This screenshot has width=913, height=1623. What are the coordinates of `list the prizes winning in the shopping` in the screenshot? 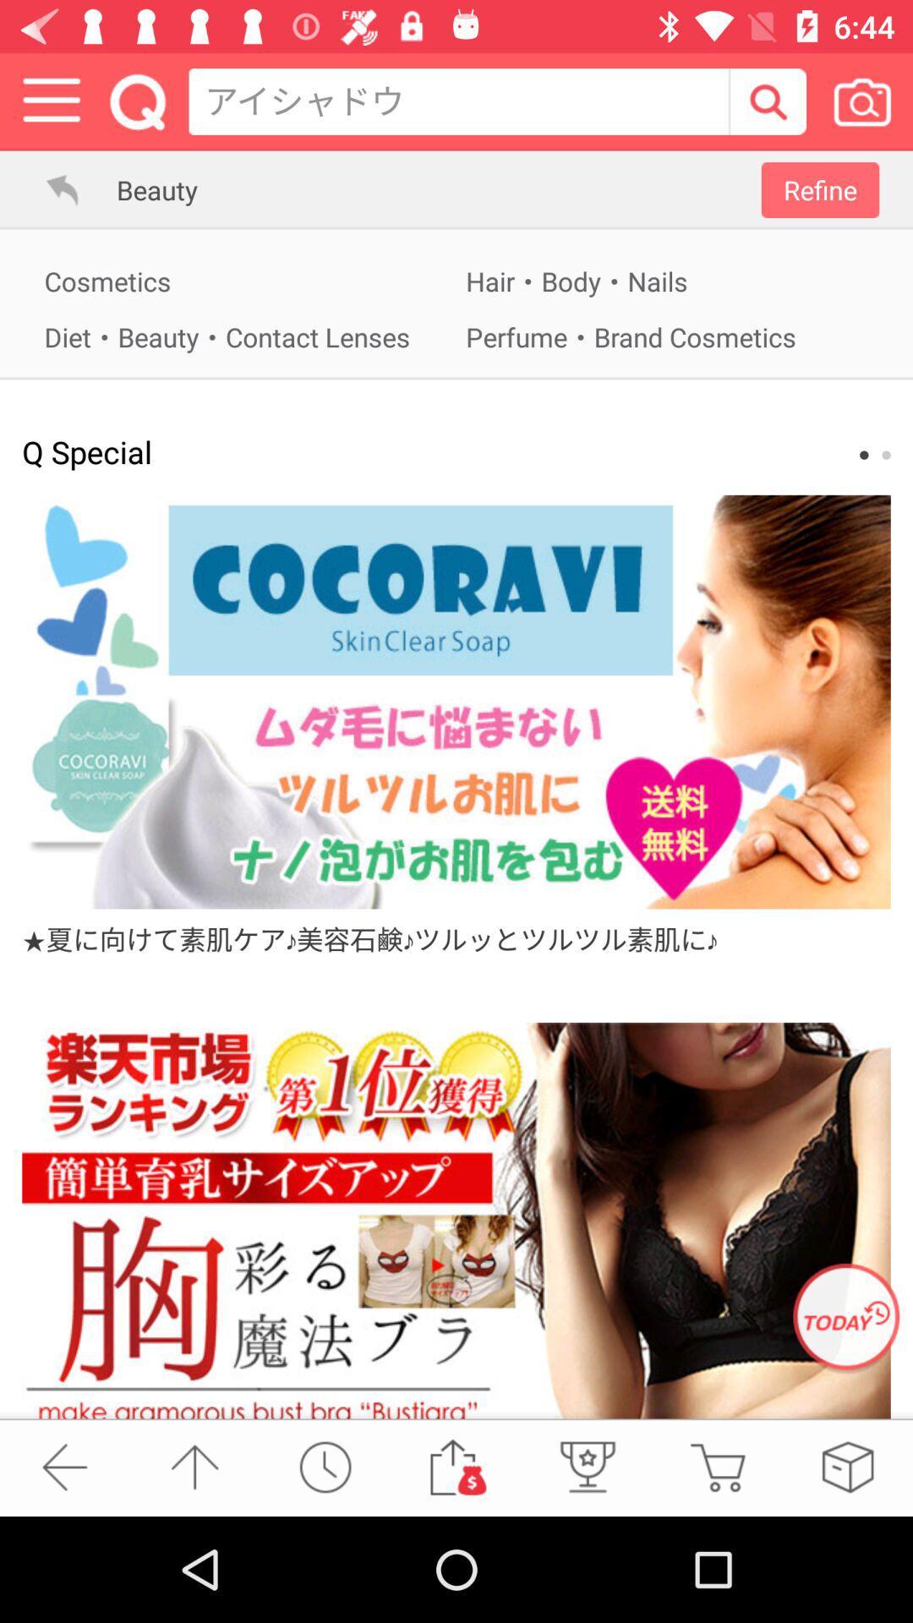 It's located at (585, 1466).